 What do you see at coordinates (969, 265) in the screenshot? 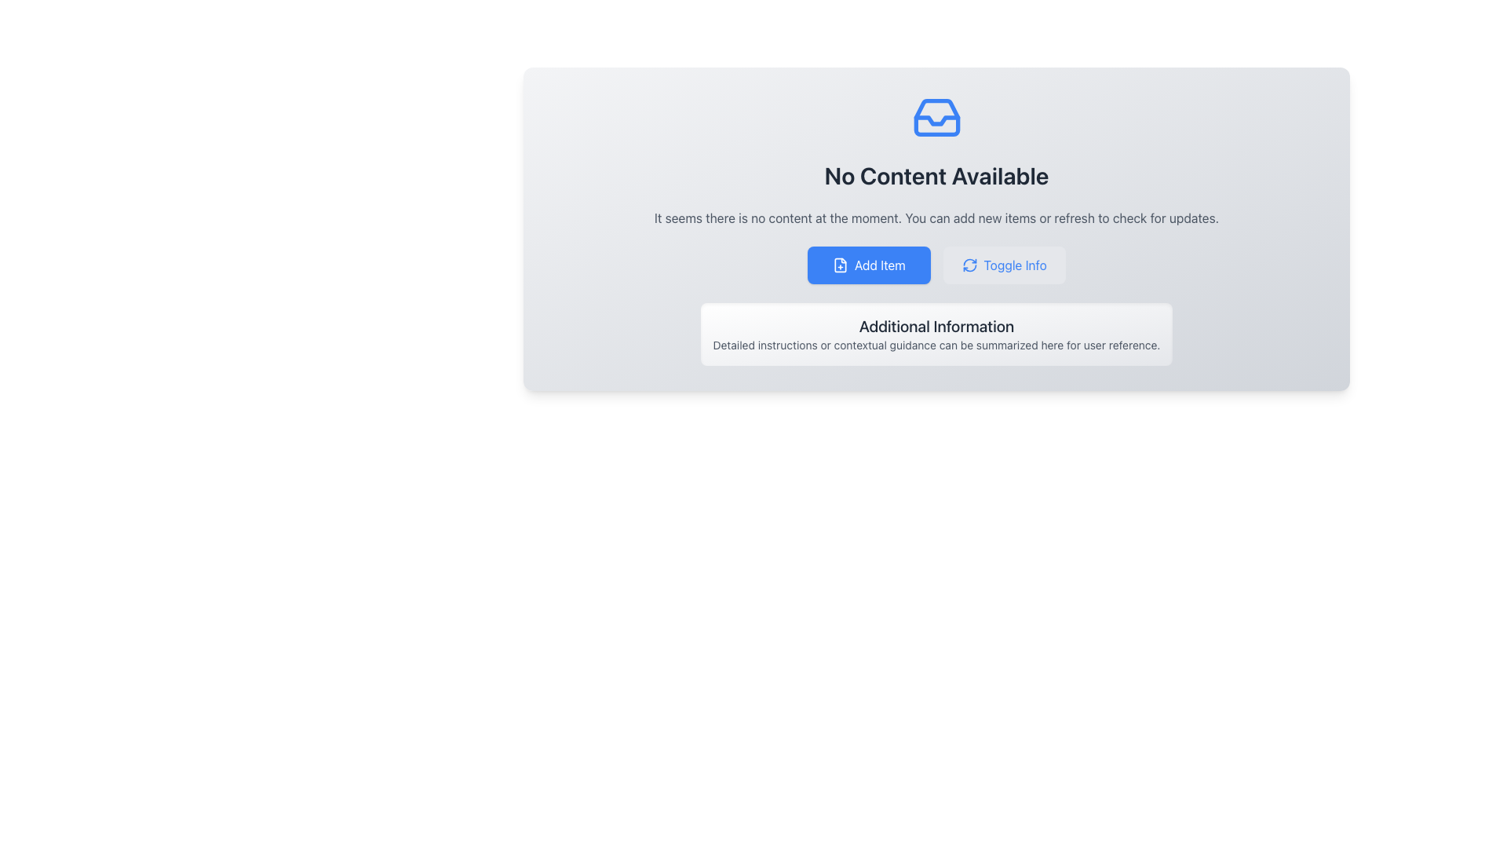
I see `the circular arrow icon representing a refresh or toggle action, which is located to the left of the 'Toggle Info' text within a button component` at bounding box center [969, 265].